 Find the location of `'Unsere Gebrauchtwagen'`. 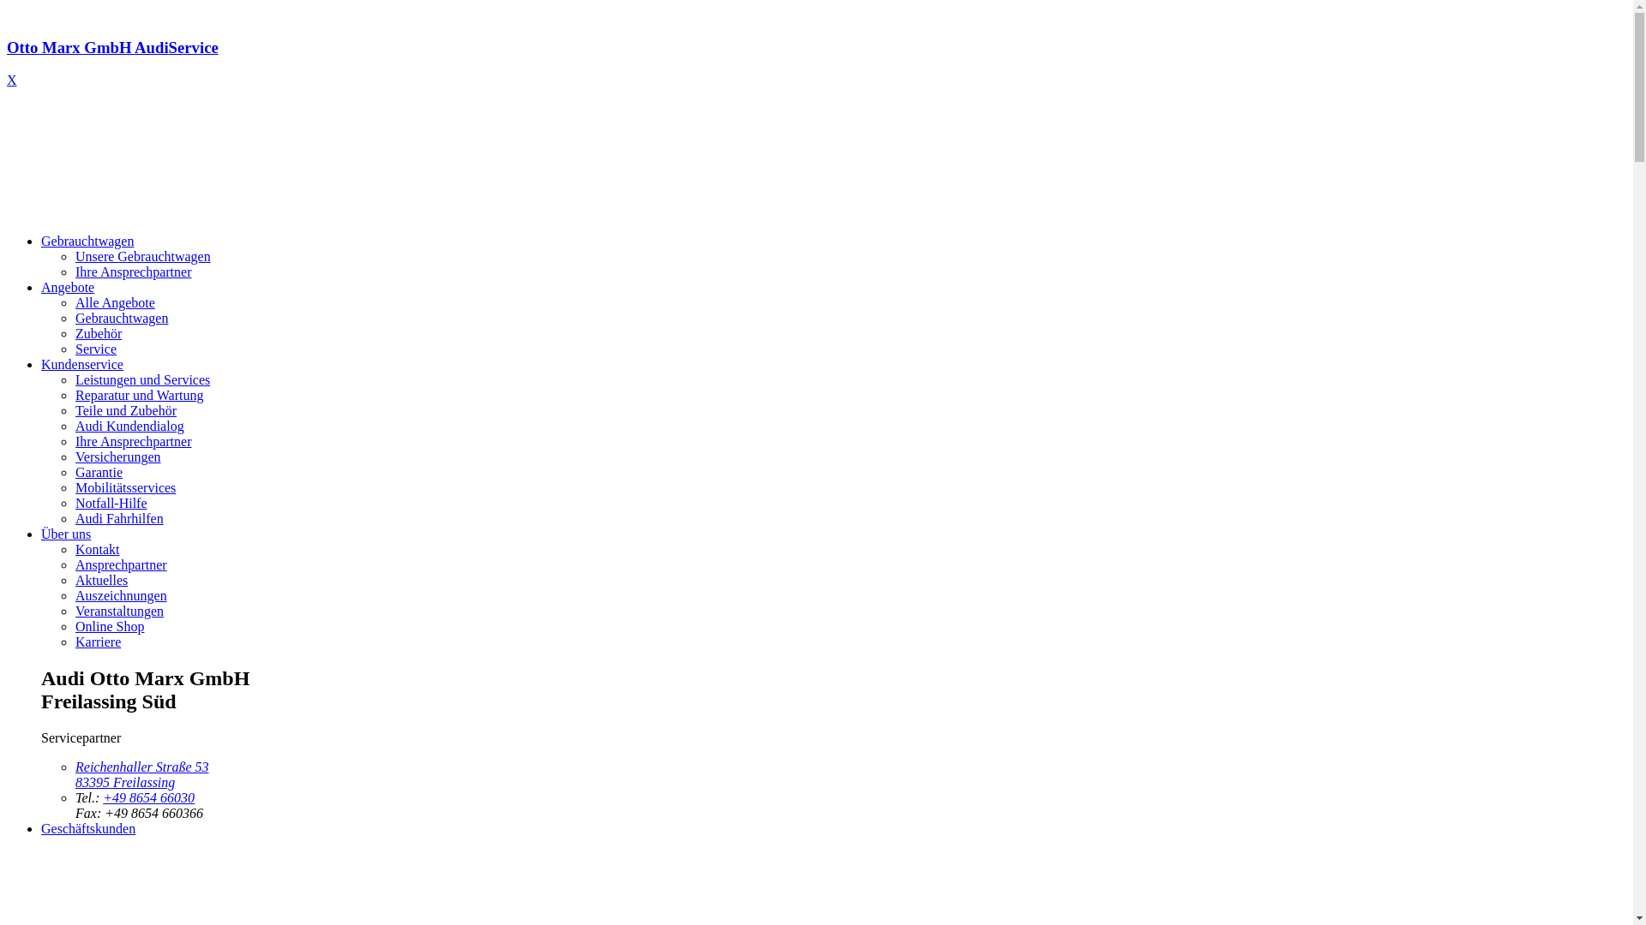

'Unsere Gebrauchtwagen' is located at coordinates (143, 256).